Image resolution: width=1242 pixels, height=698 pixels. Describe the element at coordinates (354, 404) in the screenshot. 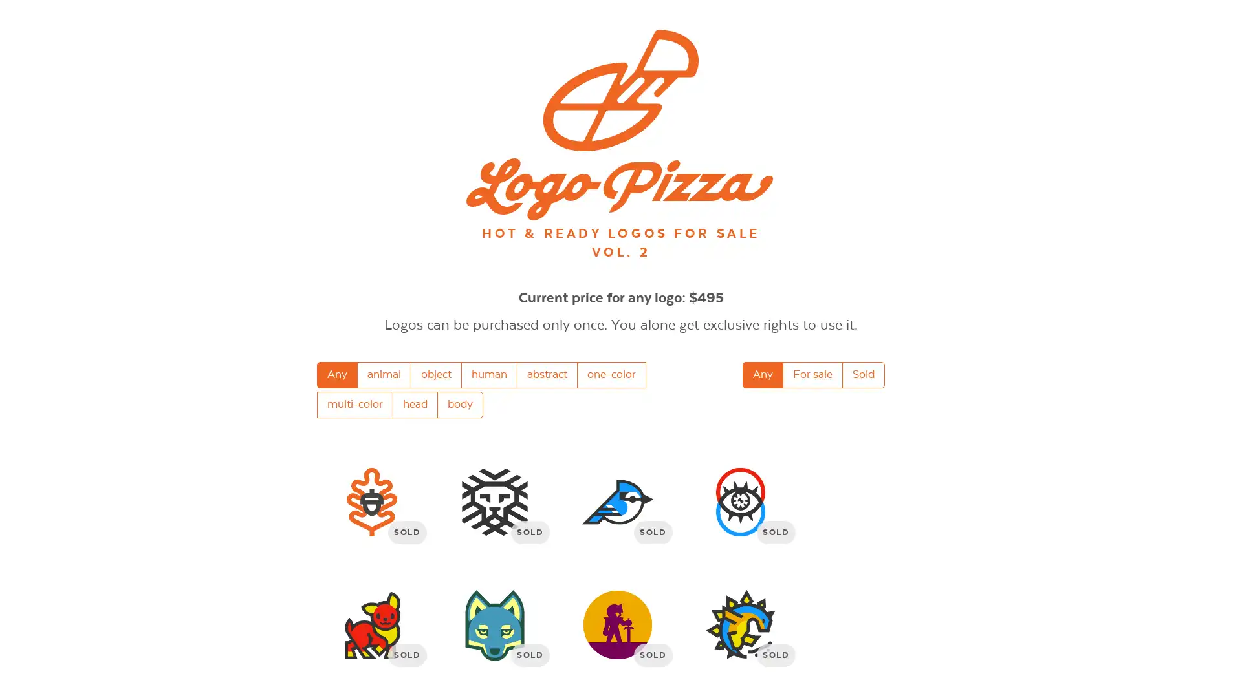

I see `multi-color` at that location.